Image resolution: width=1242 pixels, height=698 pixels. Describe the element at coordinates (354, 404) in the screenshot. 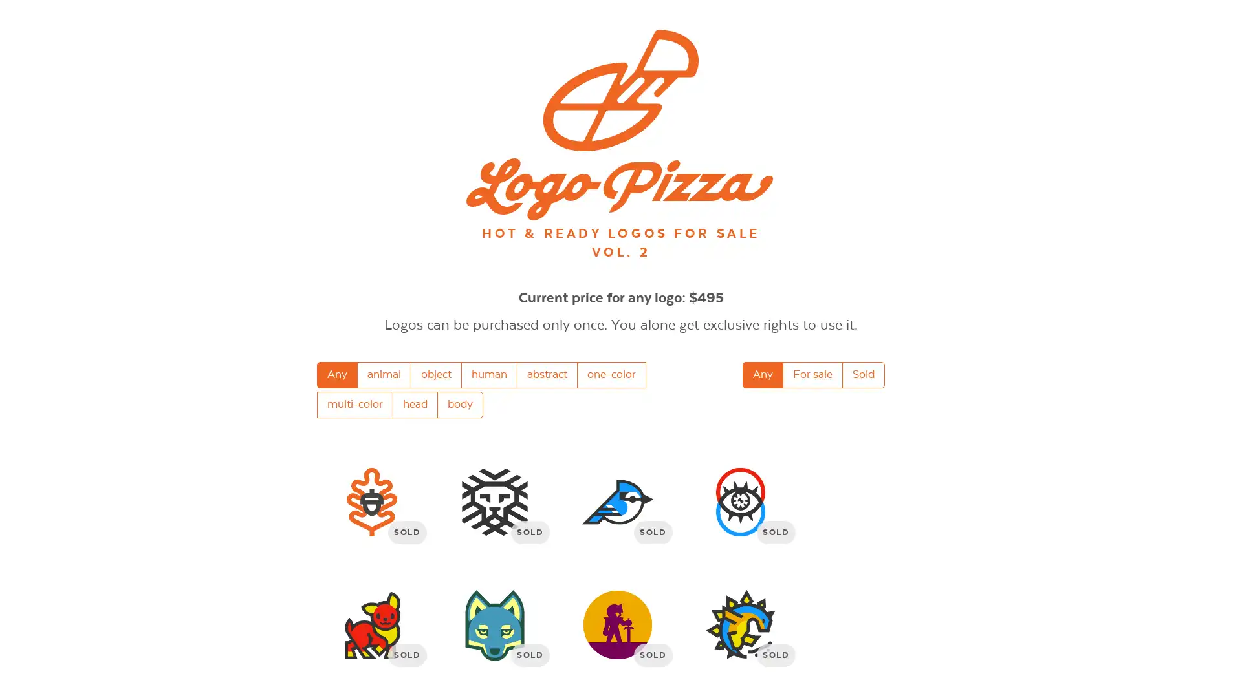

I see `multi-color` at that location.